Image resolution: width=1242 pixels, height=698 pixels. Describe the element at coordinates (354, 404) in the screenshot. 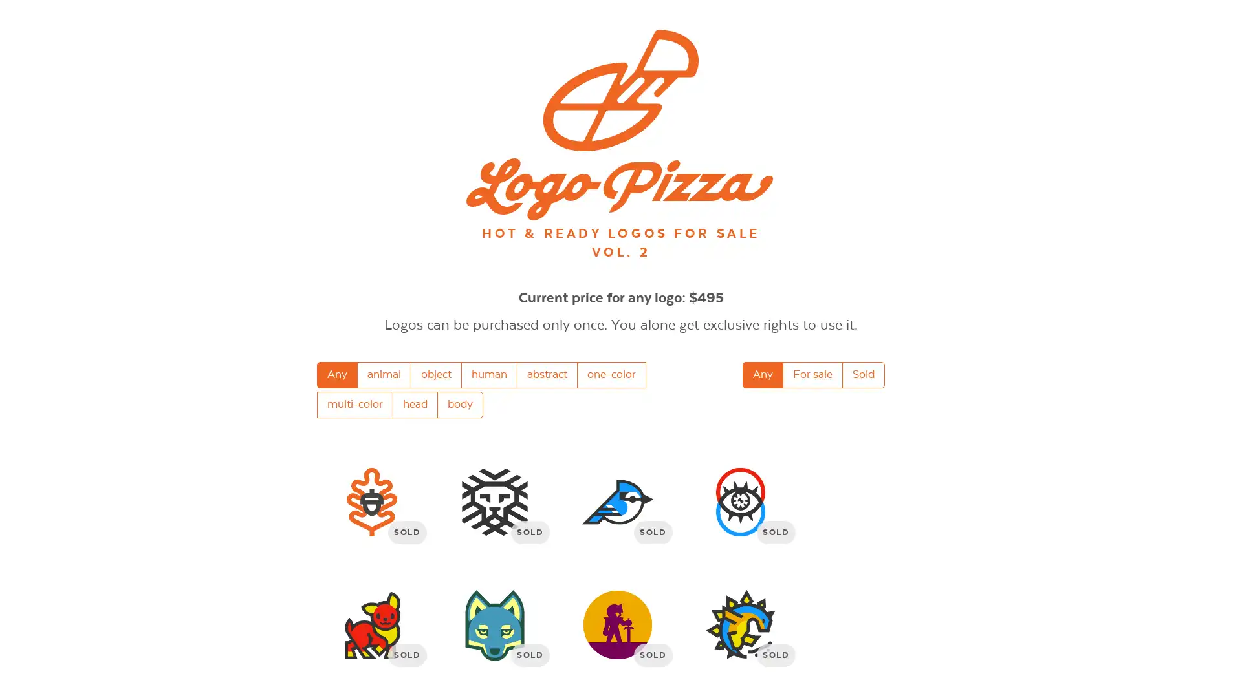

I see `multi-color` at that location.